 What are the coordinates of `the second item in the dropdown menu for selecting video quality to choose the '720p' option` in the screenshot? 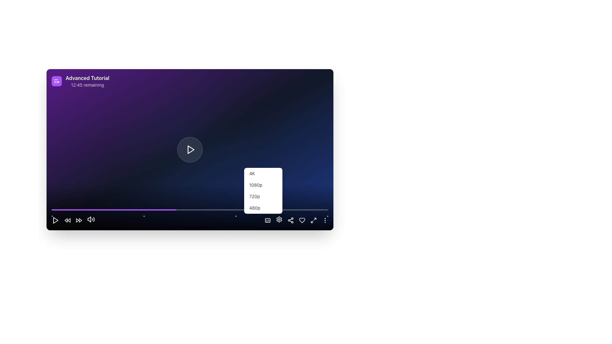 It's located at (263, 190).